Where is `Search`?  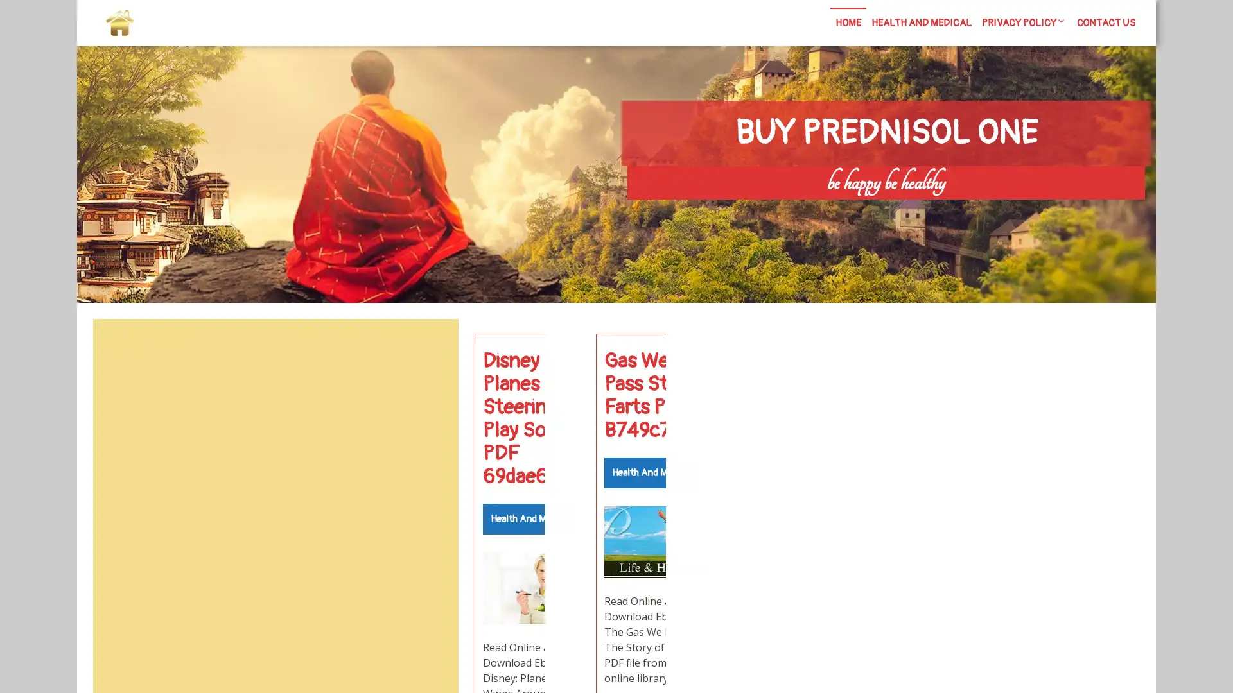
Search is located at coordinates (1000, 210).